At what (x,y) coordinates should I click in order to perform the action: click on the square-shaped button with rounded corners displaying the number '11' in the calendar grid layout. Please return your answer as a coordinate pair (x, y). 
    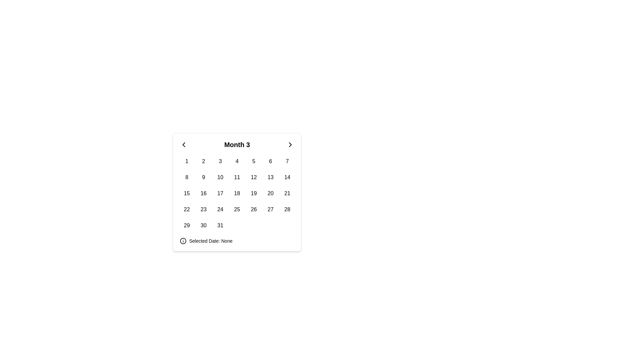
    Looking at the image, I should click on (237, 177).